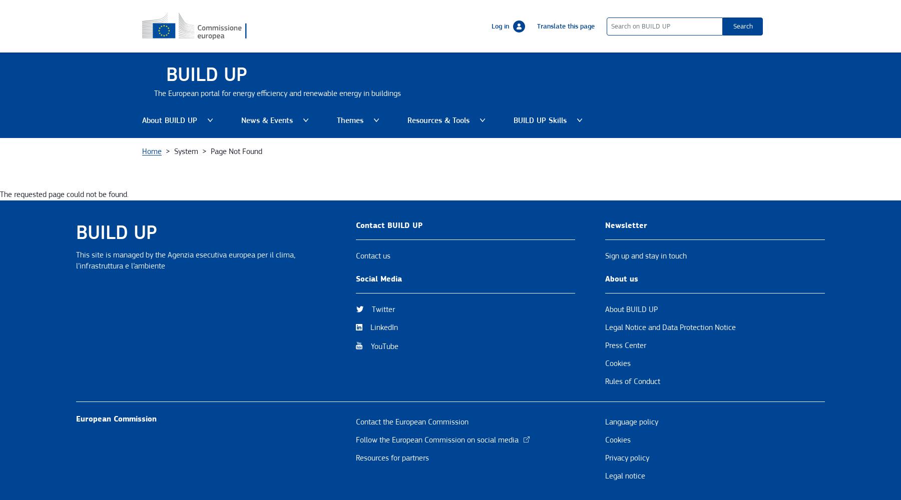 The height and width of the screenshot is (500, 901). I want to click on 'Page Not Found', so click(236, 151).